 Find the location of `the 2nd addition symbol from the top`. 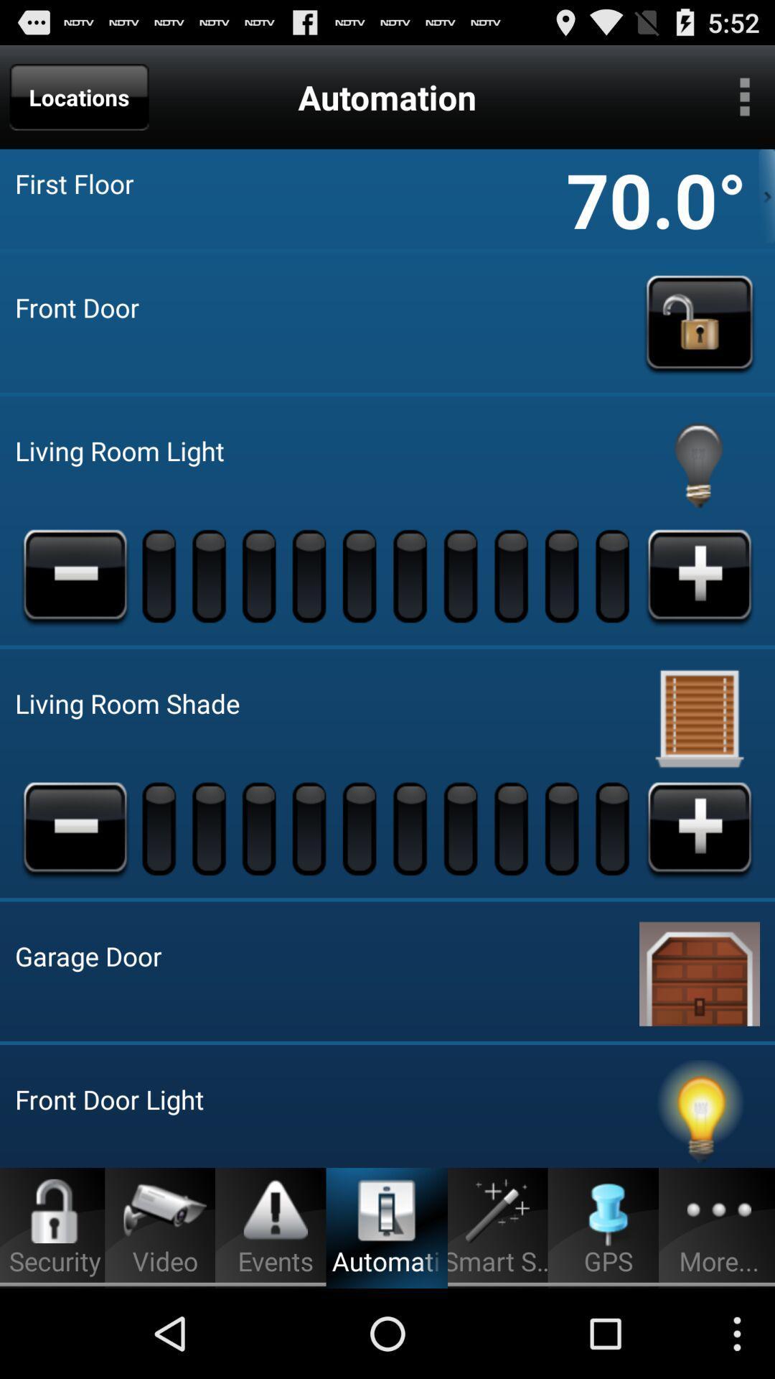

the 2nd addition symbol from the top is located at coordinates (699, 827).